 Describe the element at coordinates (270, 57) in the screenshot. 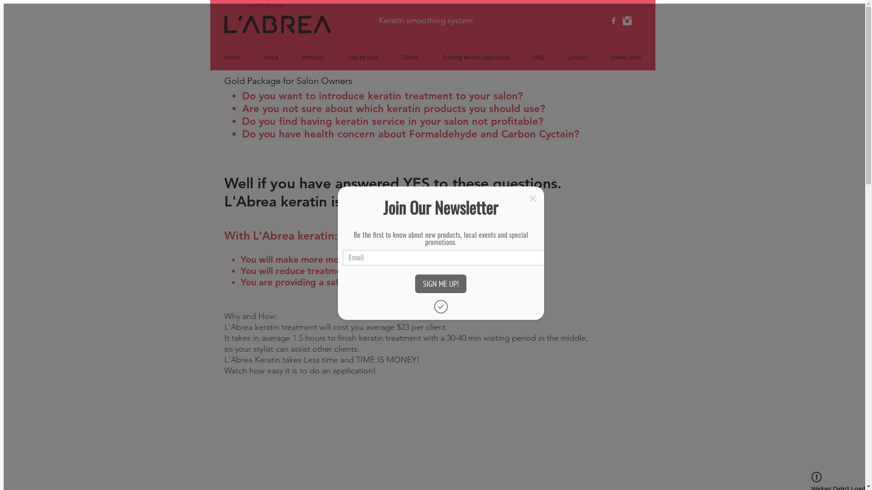

I see `'About'` at that location.